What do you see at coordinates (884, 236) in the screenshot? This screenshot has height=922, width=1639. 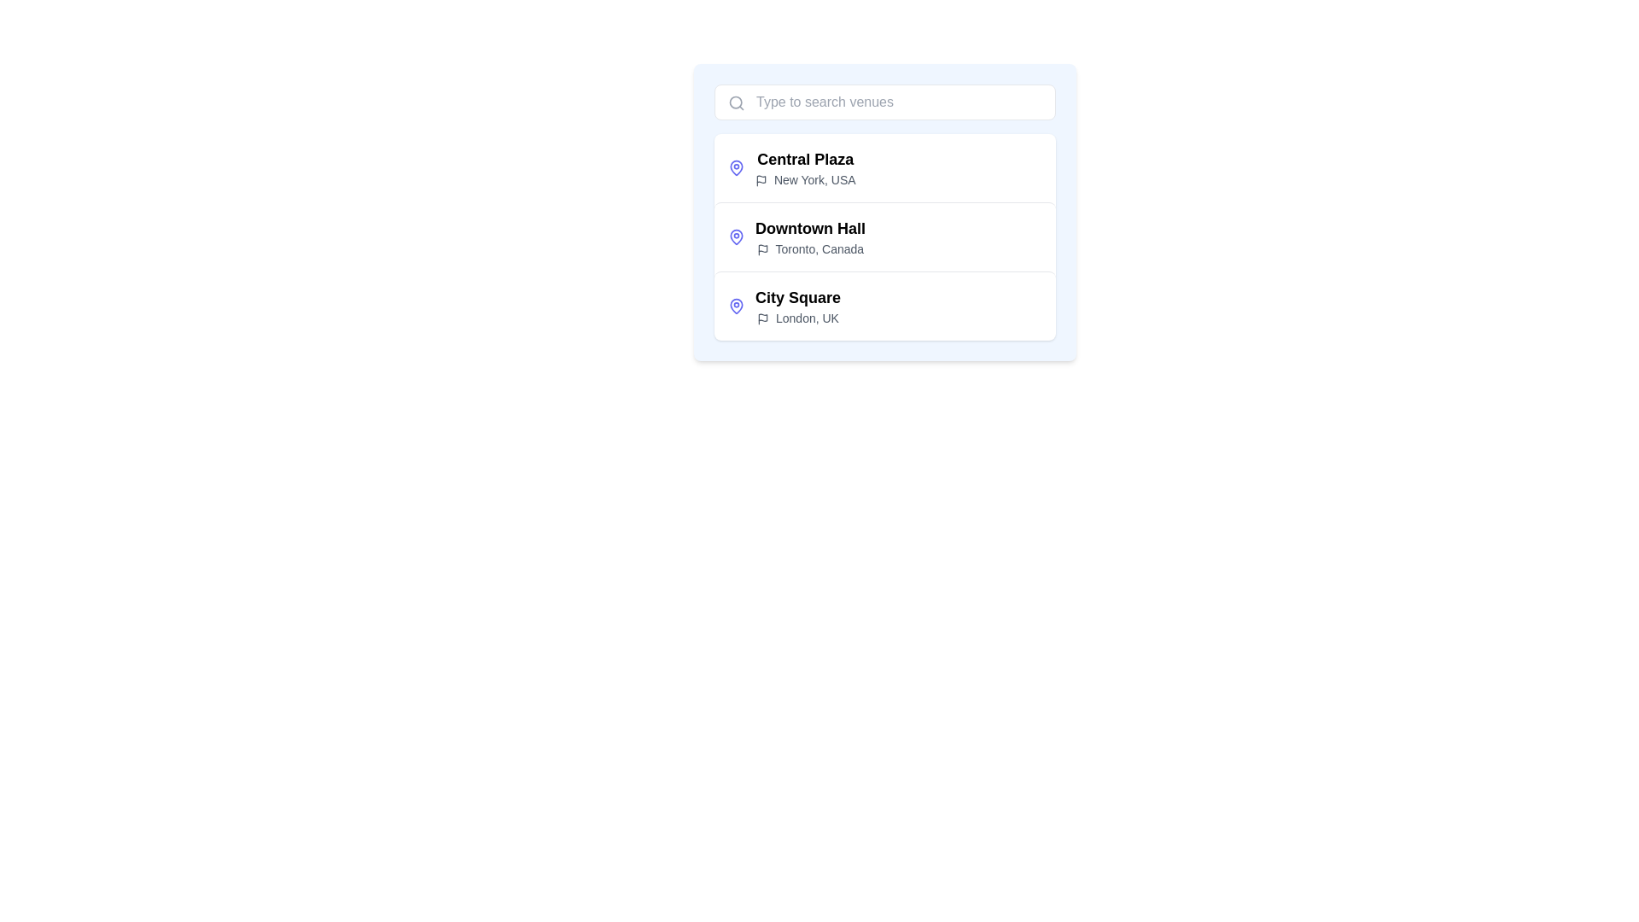 I see `the second venue entry` at bounding box center [884, 236].